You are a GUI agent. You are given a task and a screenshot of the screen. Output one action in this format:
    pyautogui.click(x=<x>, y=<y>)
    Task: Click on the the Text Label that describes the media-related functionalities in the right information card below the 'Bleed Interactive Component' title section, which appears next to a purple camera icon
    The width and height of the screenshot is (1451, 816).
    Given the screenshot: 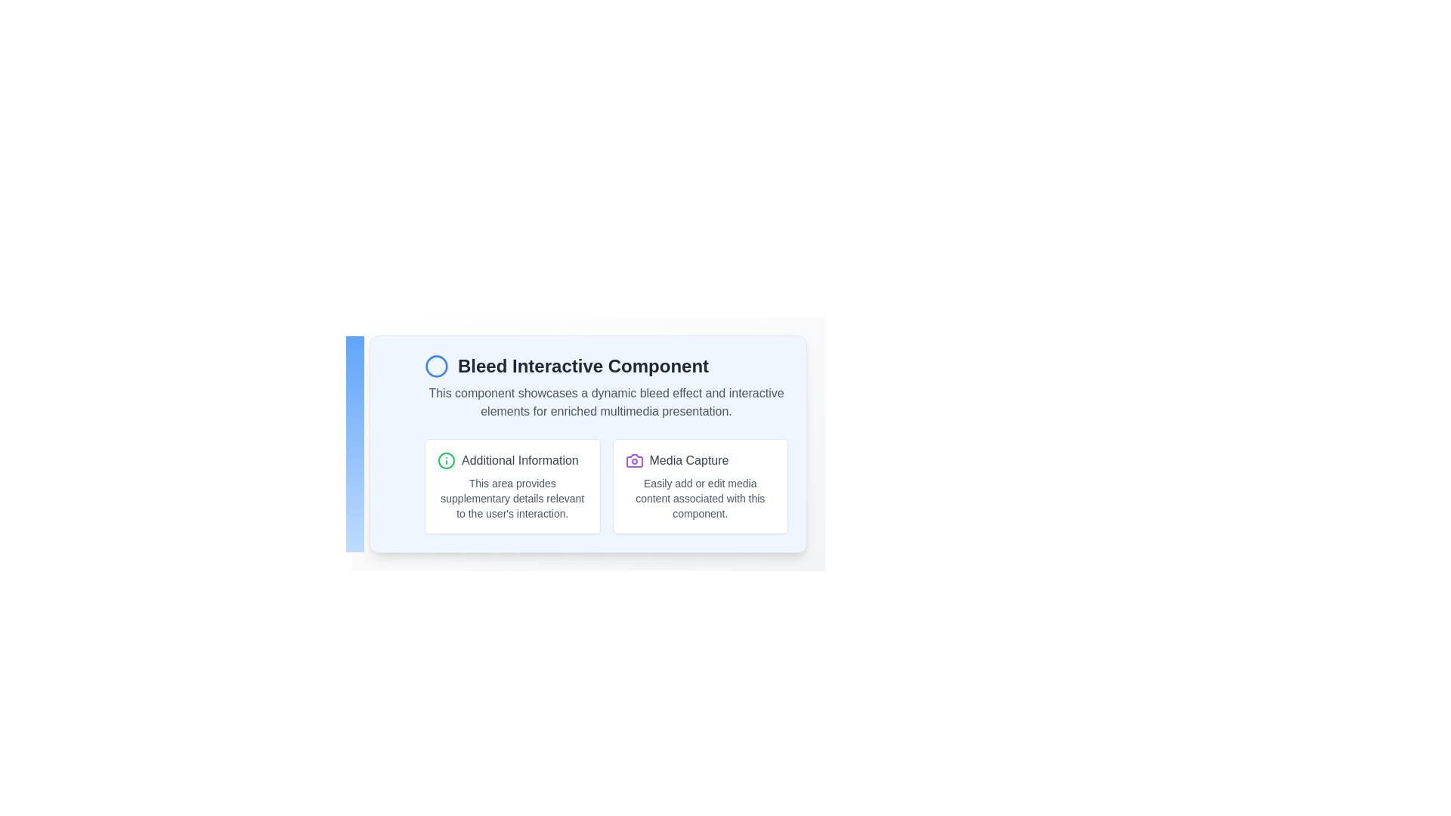 What is the action you would take?
    pyautogui.click(x=688, y=459)
    